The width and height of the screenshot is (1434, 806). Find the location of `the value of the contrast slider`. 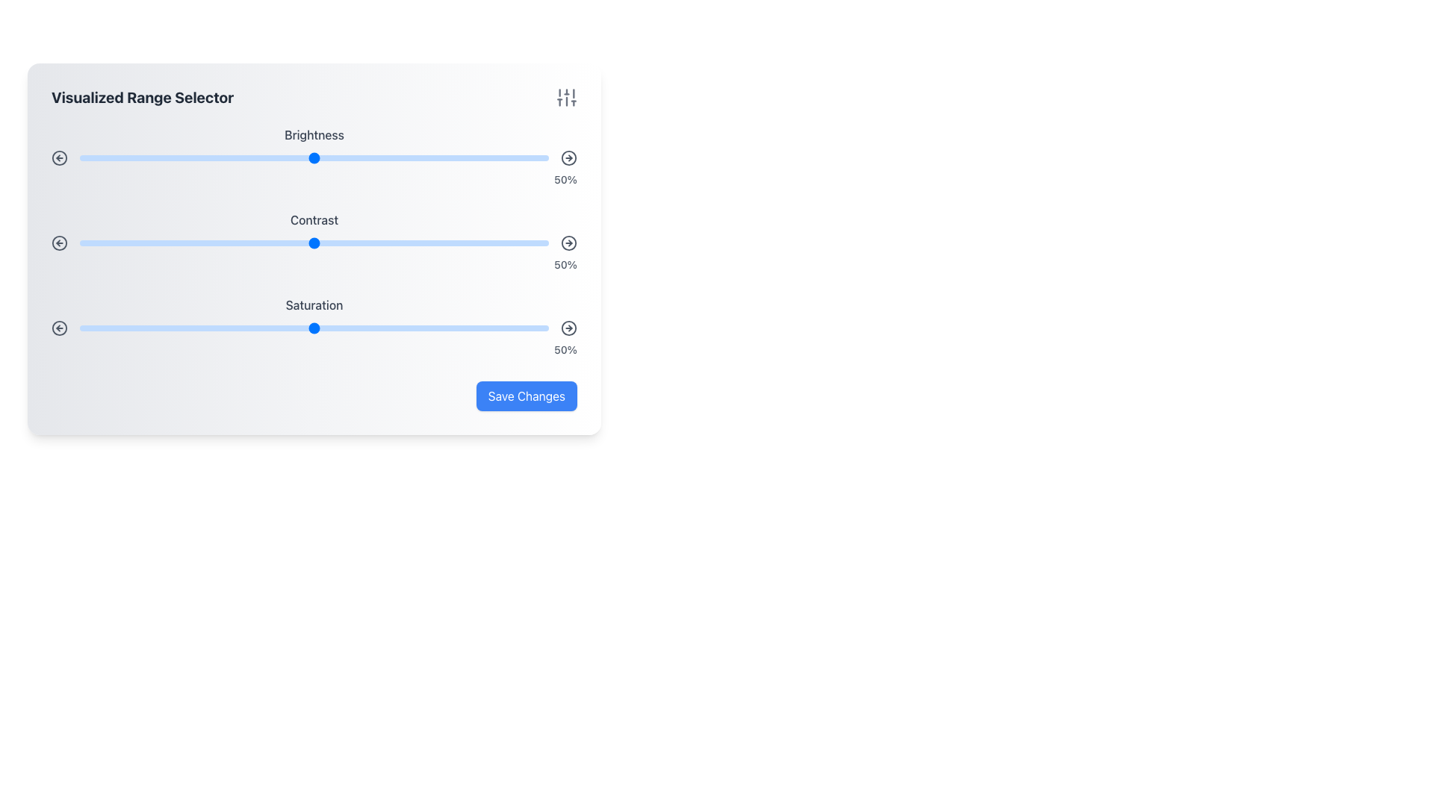

the value of the contrast slider is located at coordinates (473, 243).